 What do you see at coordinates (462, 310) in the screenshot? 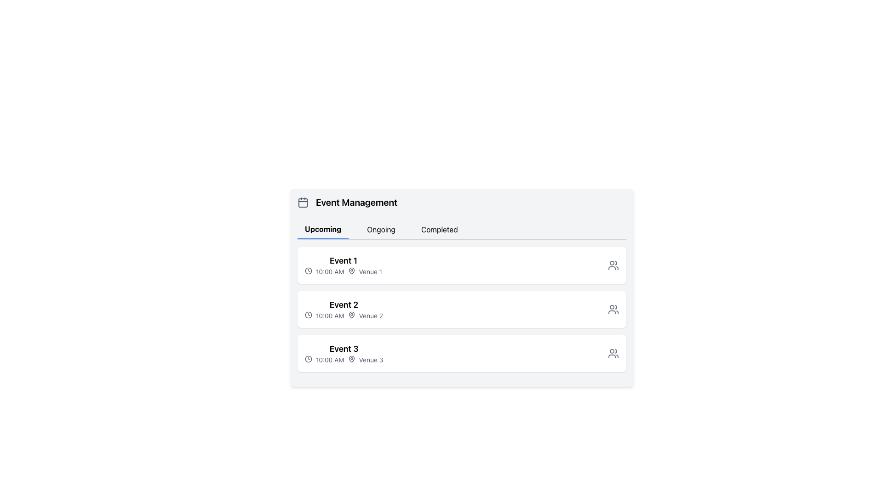
I see `details of the event titled 'Event 2', which is displayed in the second row of the 'Upcoming' section of the 'Event Management' interface` at bounding box center [462, 310].